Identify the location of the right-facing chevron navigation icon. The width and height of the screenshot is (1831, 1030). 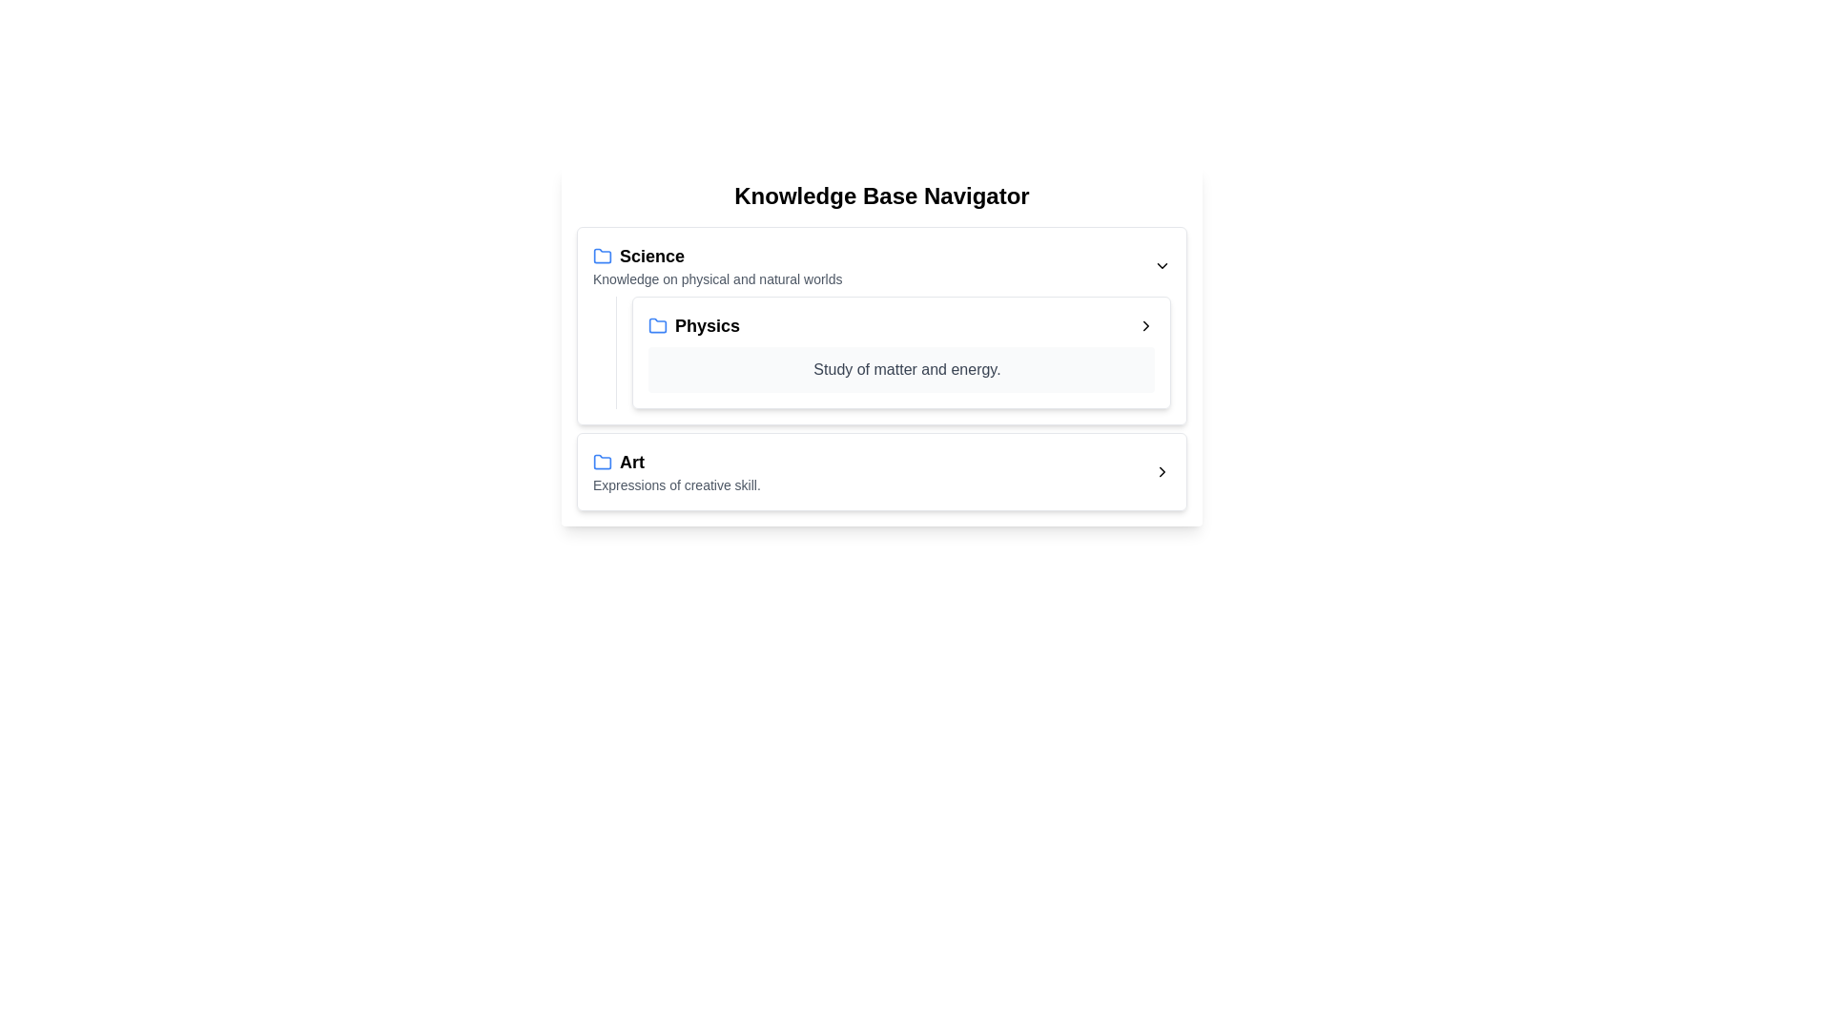
(1144, 325).